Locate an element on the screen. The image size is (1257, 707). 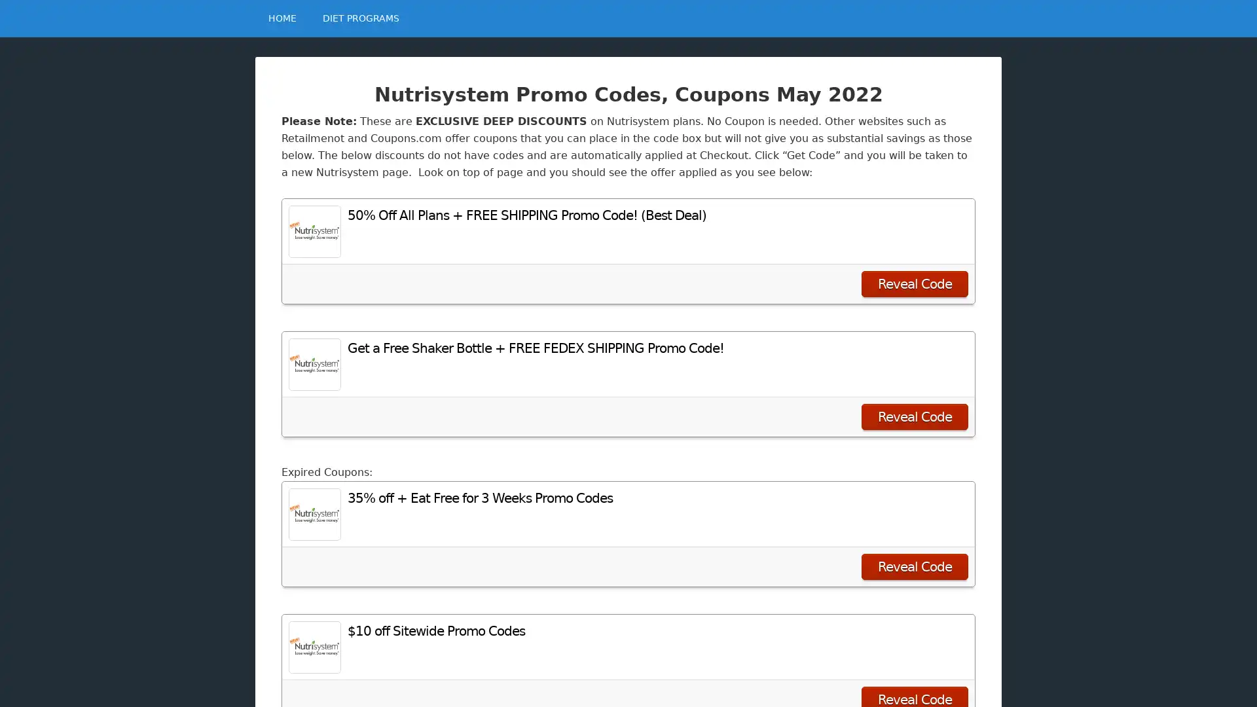
Reveal Code is located at coordinates (914, 416).